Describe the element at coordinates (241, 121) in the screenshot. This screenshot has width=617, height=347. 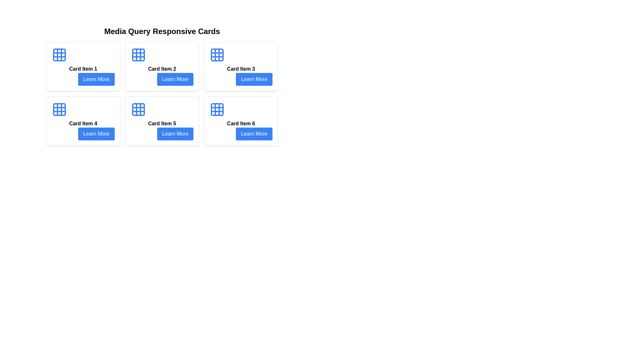
I see `the informational card located in the lower right corner of the grid layout` at that location.